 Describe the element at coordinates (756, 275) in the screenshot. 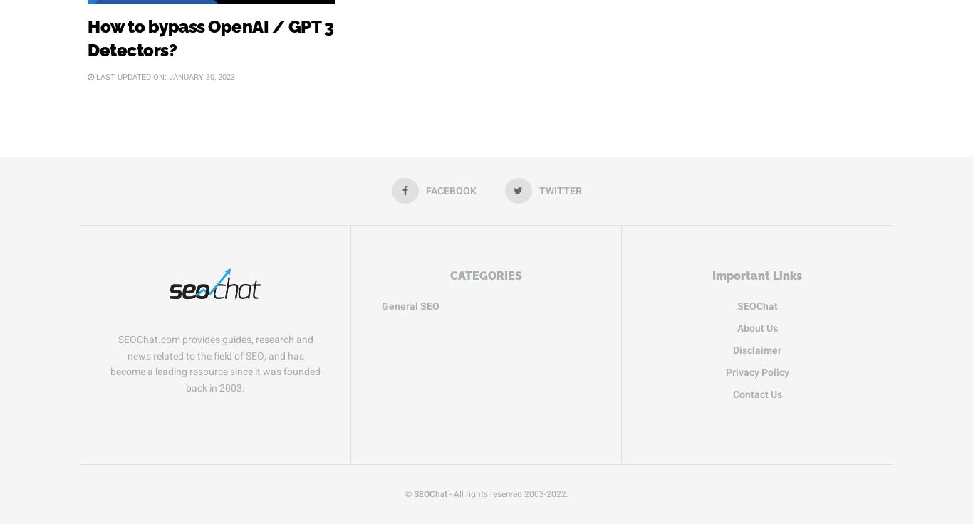

I see `'Important Links'` at that location.